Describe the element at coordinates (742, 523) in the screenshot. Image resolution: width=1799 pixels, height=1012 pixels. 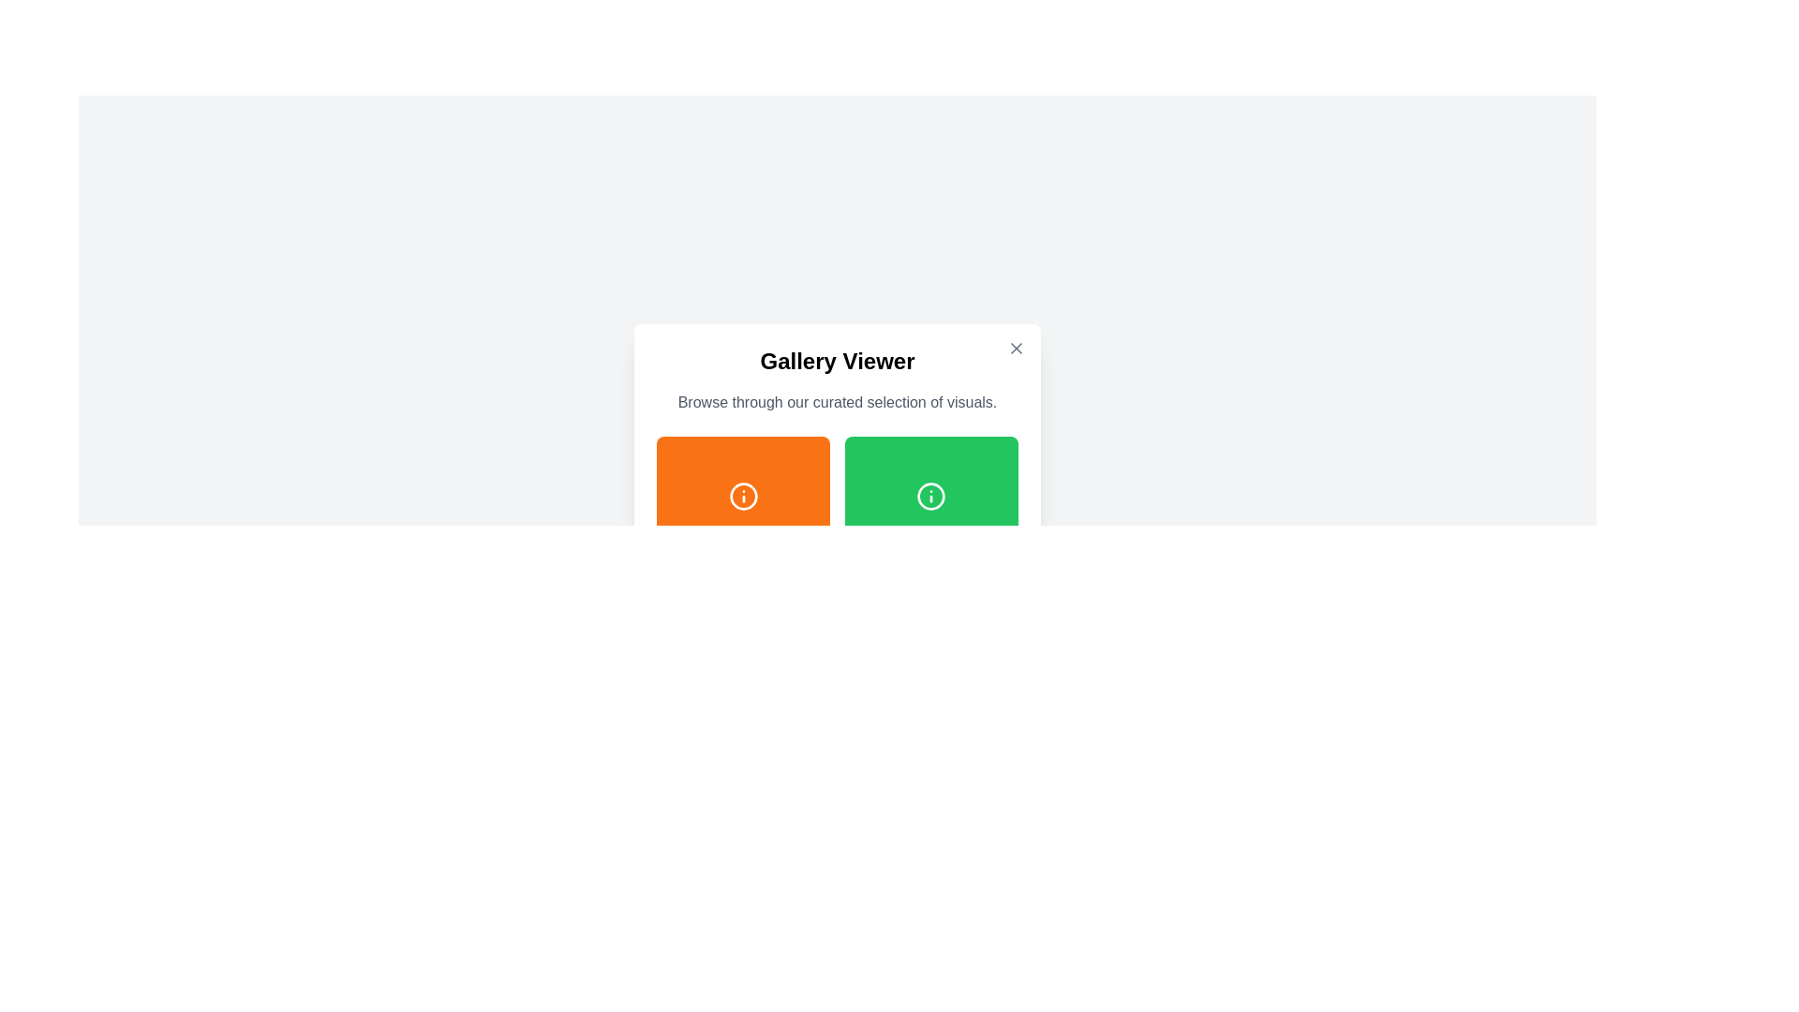
I see `contents of the informational display box with a bright orange background and title 'Sunset' located in the lower half of the 'Gallery Viewer' modal dialog` at that location.